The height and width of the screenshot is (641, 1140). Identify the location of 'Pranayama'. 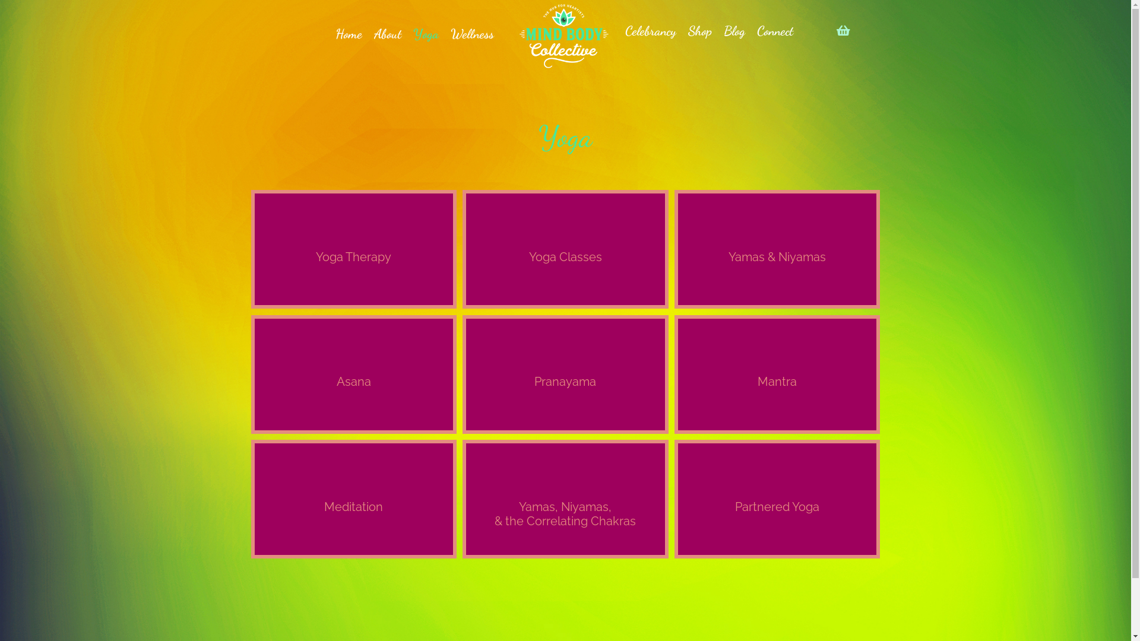
(564, 375).